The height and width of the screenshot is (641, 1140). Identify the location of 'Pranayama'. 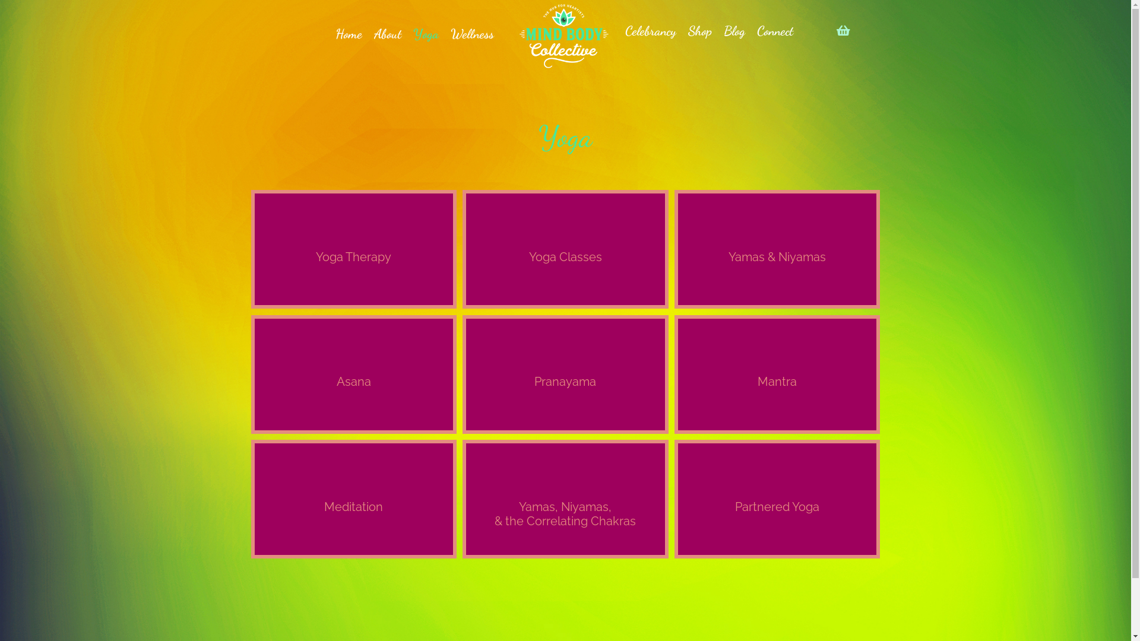
(564, 375).